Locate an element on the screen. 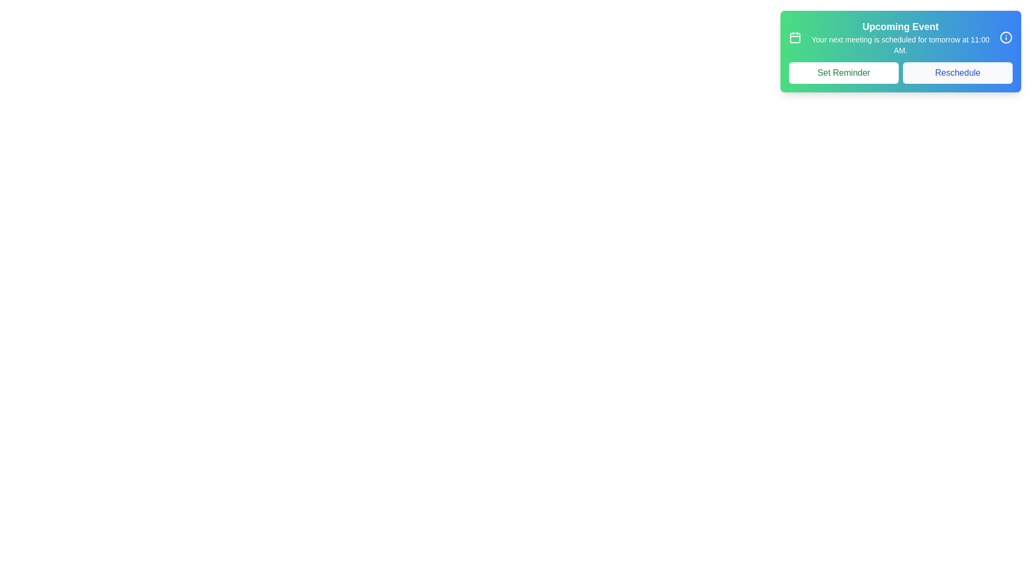 This screenshot has height=580, width=1032. the 'Reschedule' button to initiate the rescheduling process is located at coordinates (957, 73).